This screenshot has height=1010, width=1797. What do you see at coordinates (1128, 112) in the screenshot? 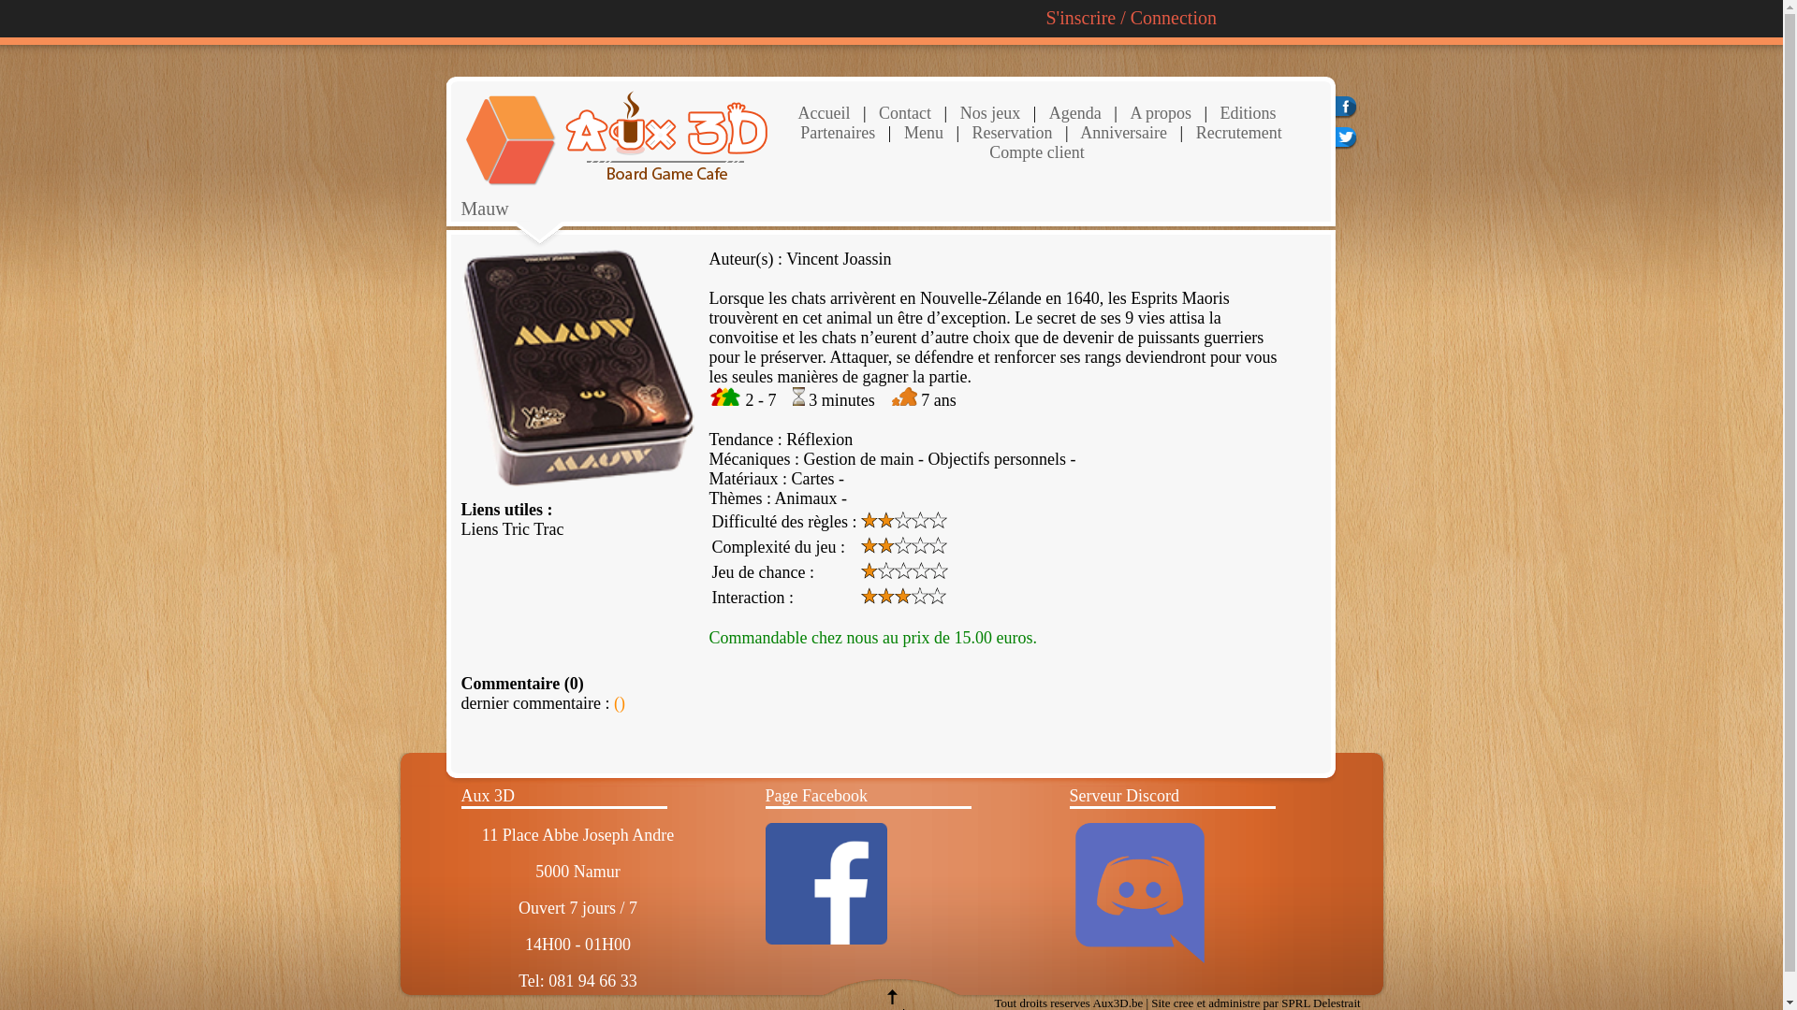
I see `'A propos'` at bounding box center [1128, 112].